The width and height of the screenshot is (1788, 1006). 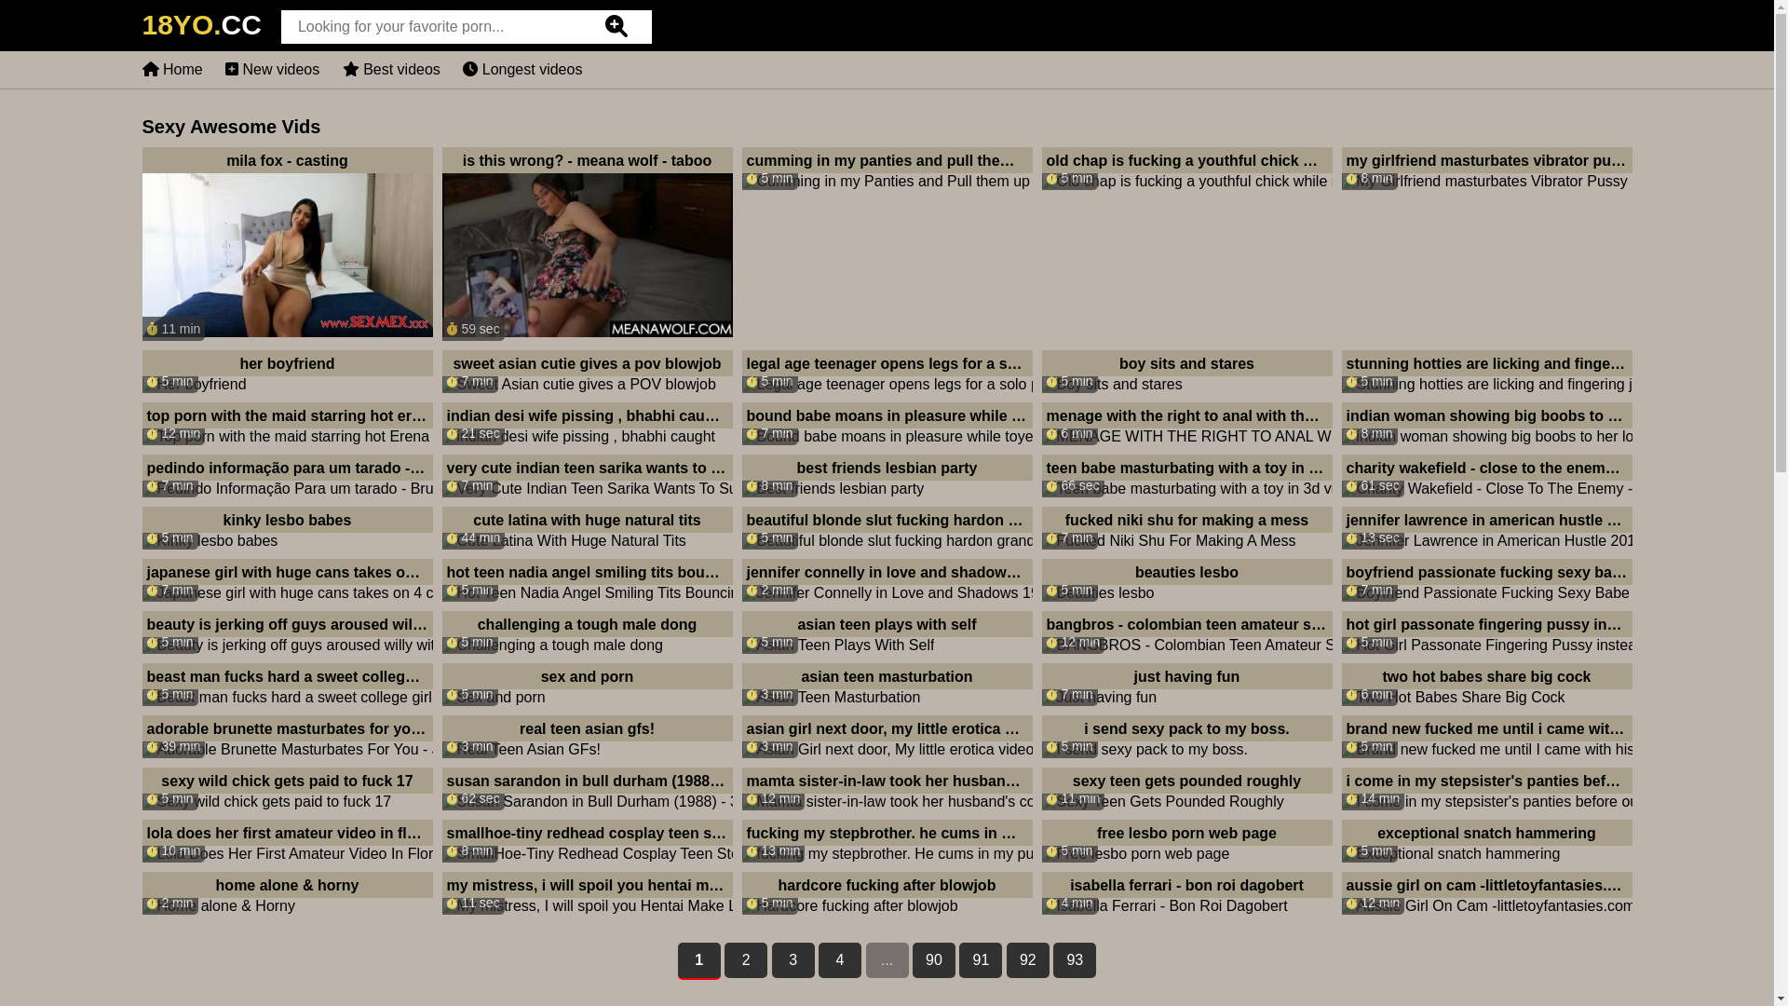 I want to click on '61 sec, so click(x=1485, y=474).